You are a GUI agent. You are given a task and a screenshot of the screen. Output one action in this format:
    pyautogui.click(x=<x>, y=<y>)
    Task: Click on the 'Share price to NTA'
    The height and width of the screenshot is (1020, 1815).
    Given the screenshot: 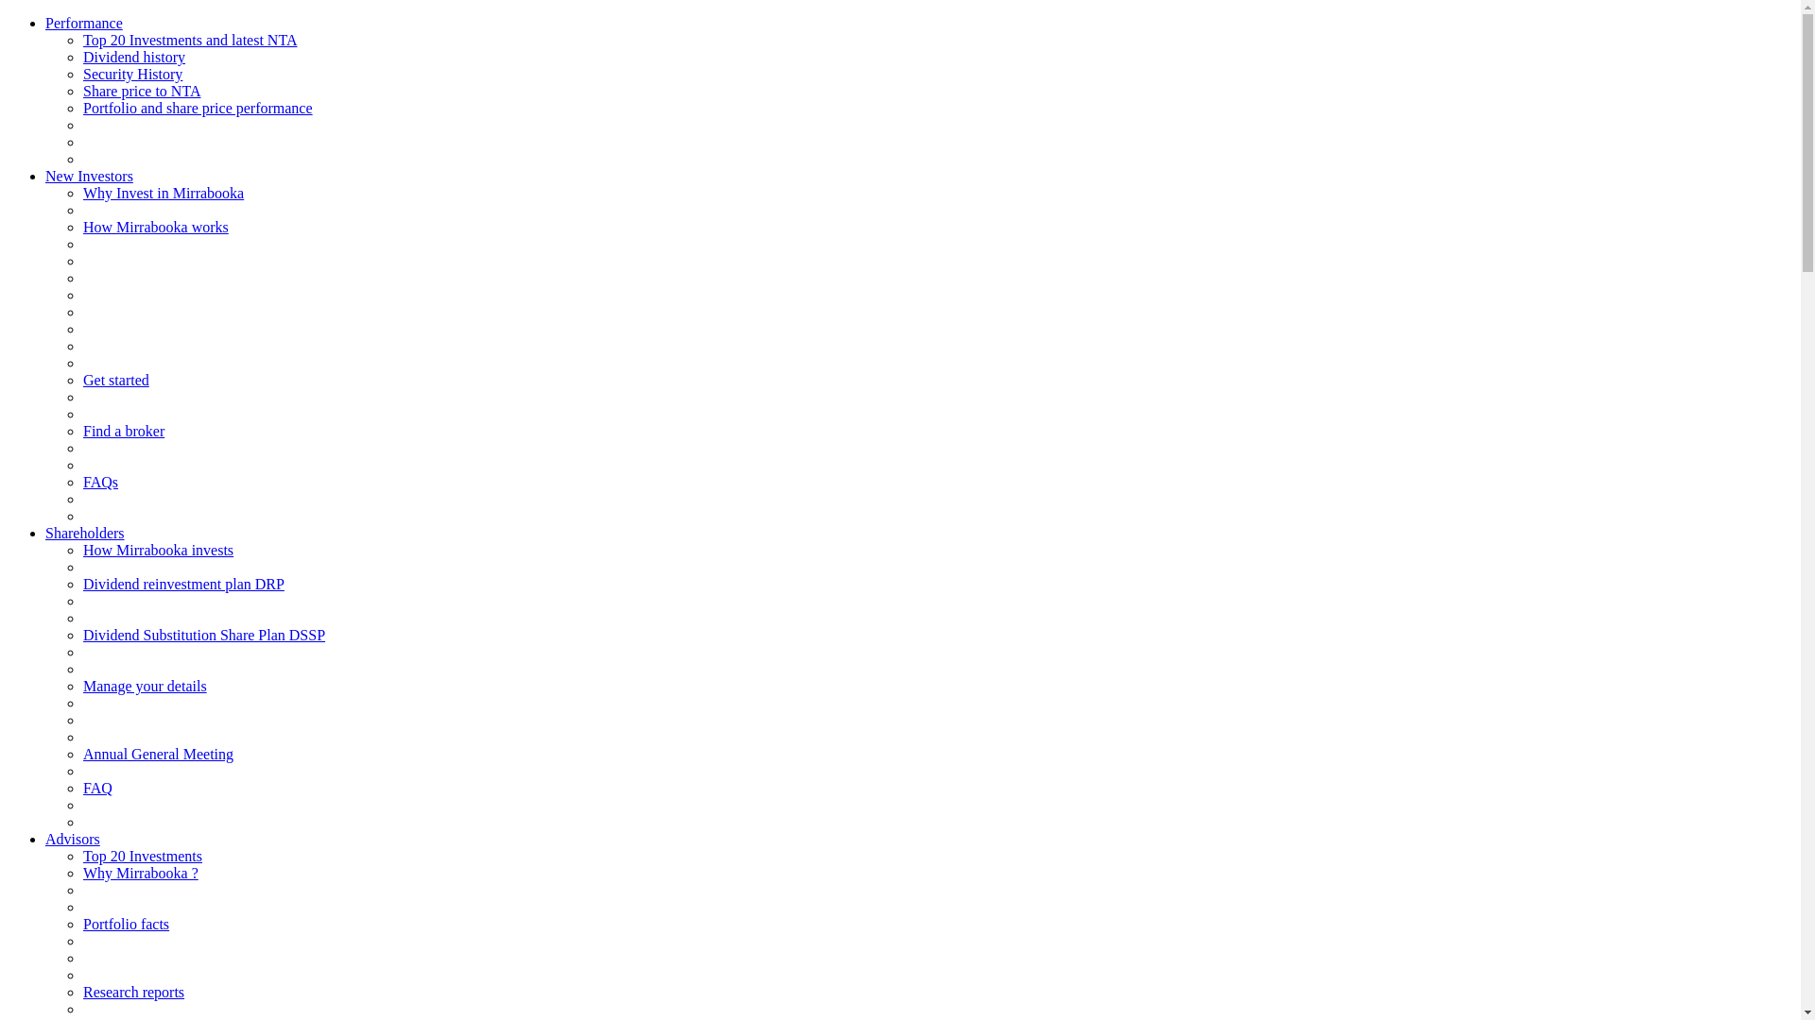 What is the action you would take?
    pyautogui.click(x=81, y=91)
    